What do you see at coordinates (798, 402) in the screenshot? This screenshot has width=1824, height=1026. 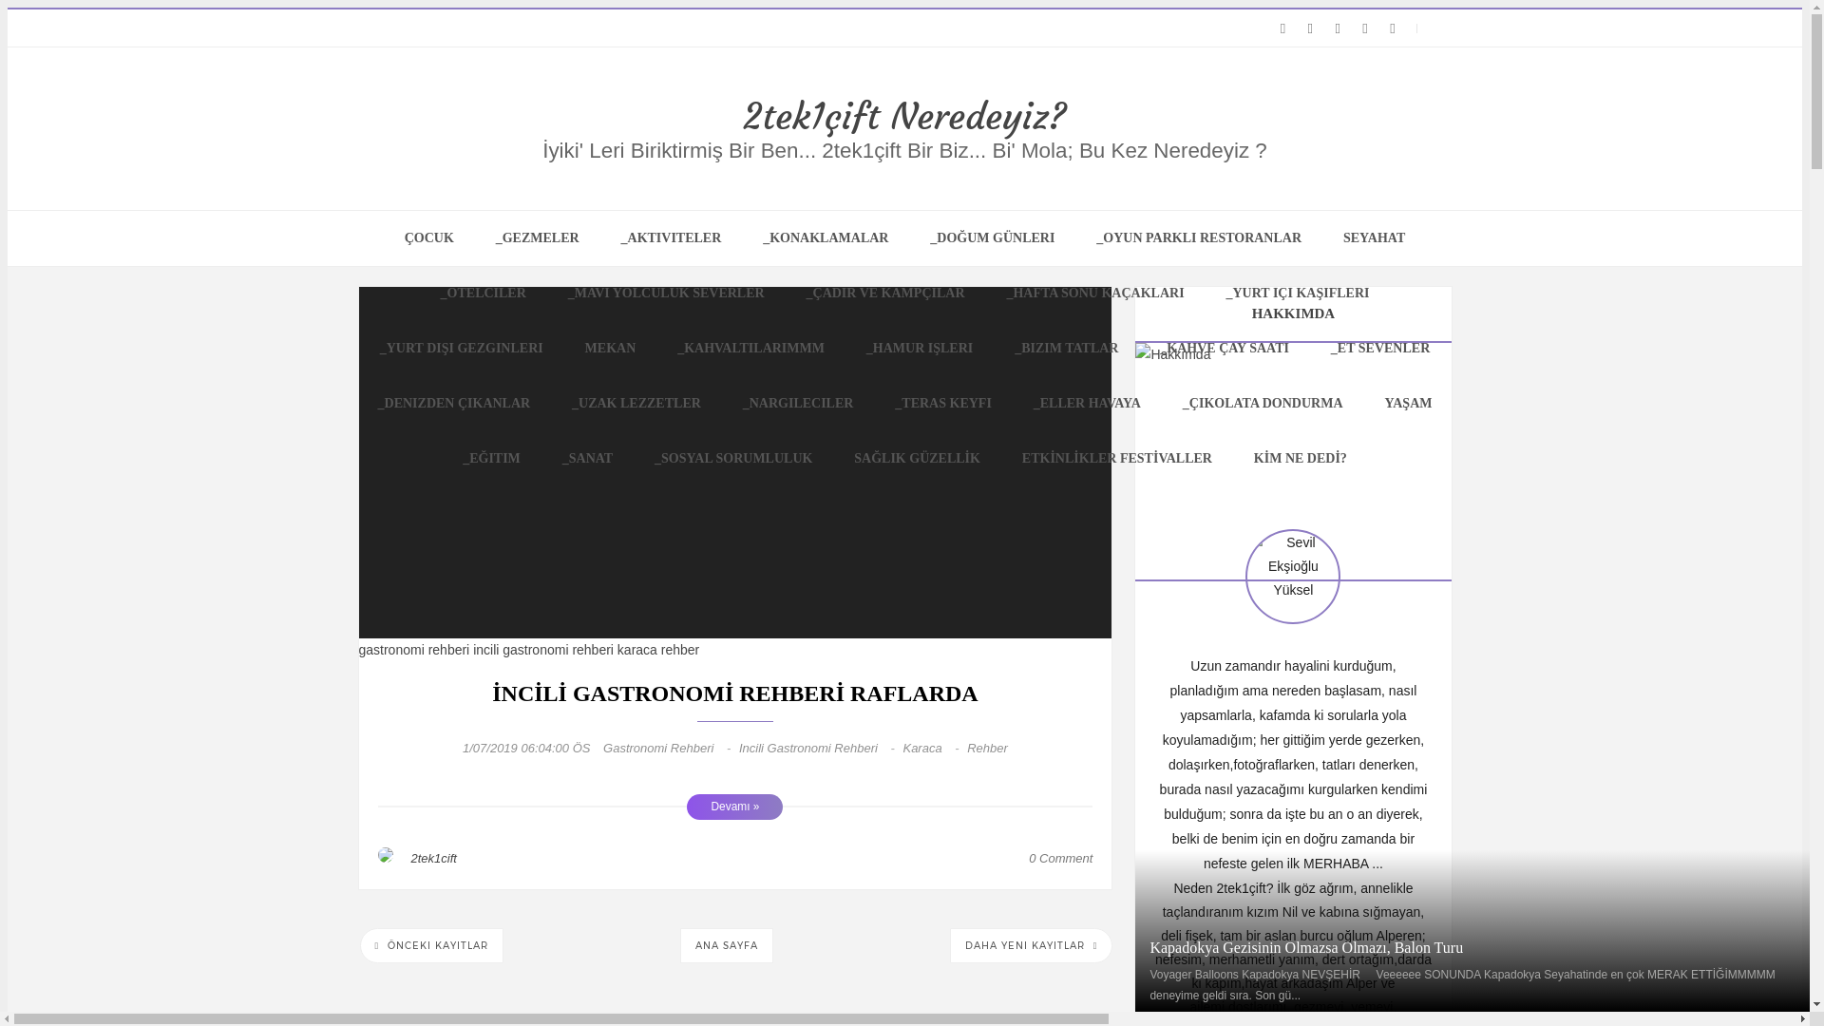 I see `'_NARGILECILER'` at bounding box center [798, 402].